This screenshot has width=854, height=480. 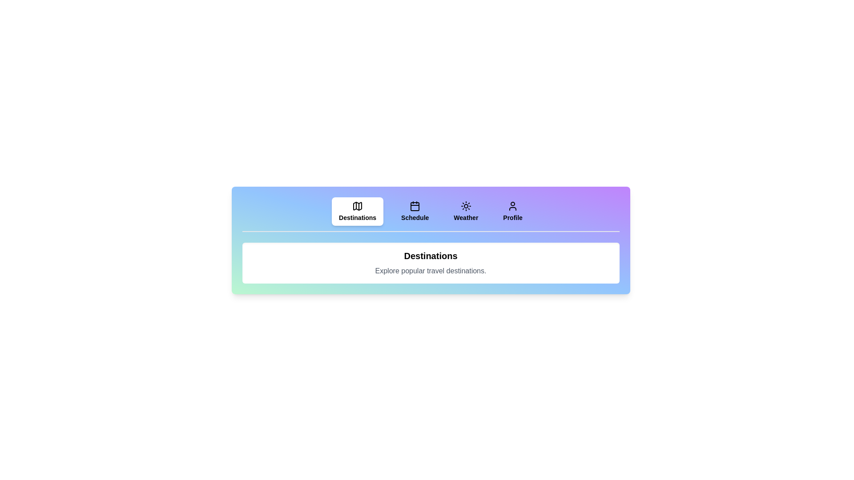 I want to click on the Destinations tab, so click(x=358, y=211).